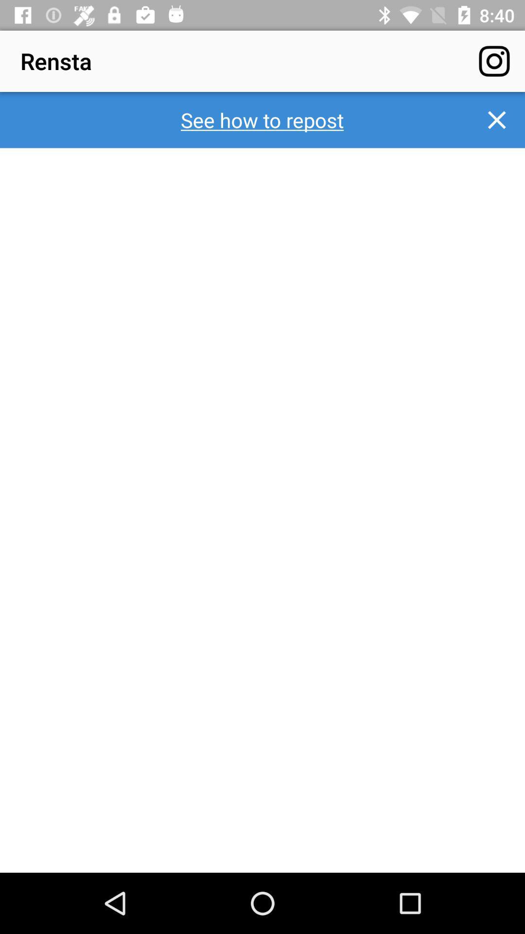 This screenshot has width=525, height=934. Describe the element at coordinates (494, 60) in the screenshot. I see `the icon to the right of rensta` at that location.